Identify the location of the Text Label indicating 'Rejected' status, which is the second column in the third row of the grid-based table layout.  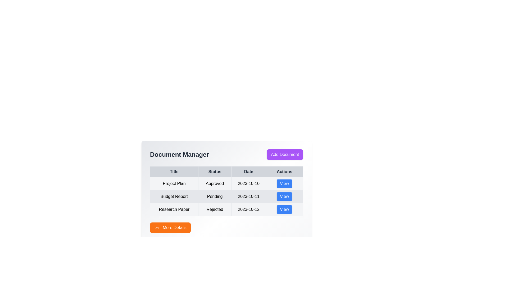
(215, 209).